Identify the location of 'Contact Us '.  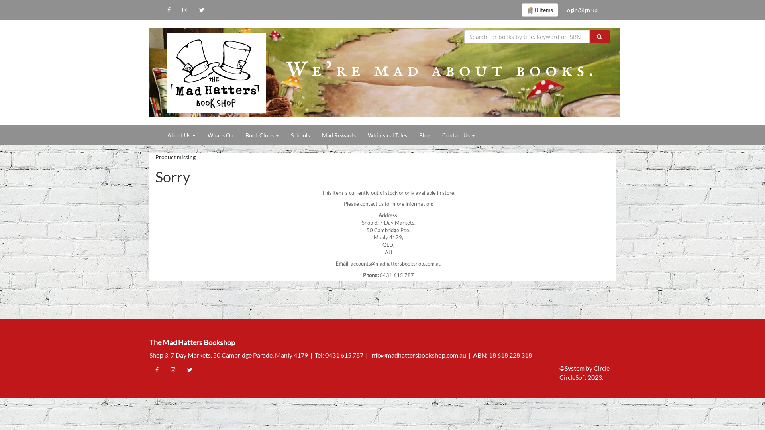
(435, 135).